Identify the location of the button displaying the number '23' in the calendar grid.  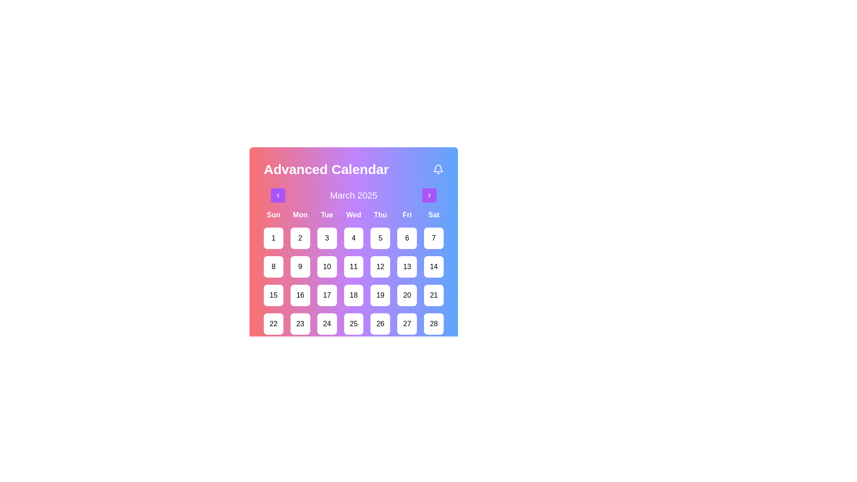
(300, 324).